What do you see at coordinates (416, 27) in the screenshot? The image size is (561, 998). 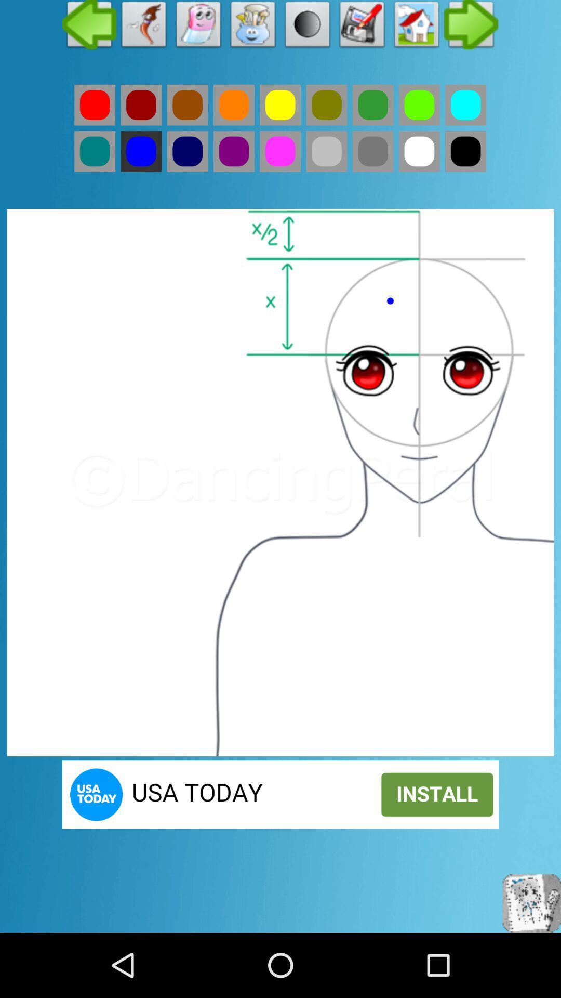 I see `element` at bounding box center [416, 27].